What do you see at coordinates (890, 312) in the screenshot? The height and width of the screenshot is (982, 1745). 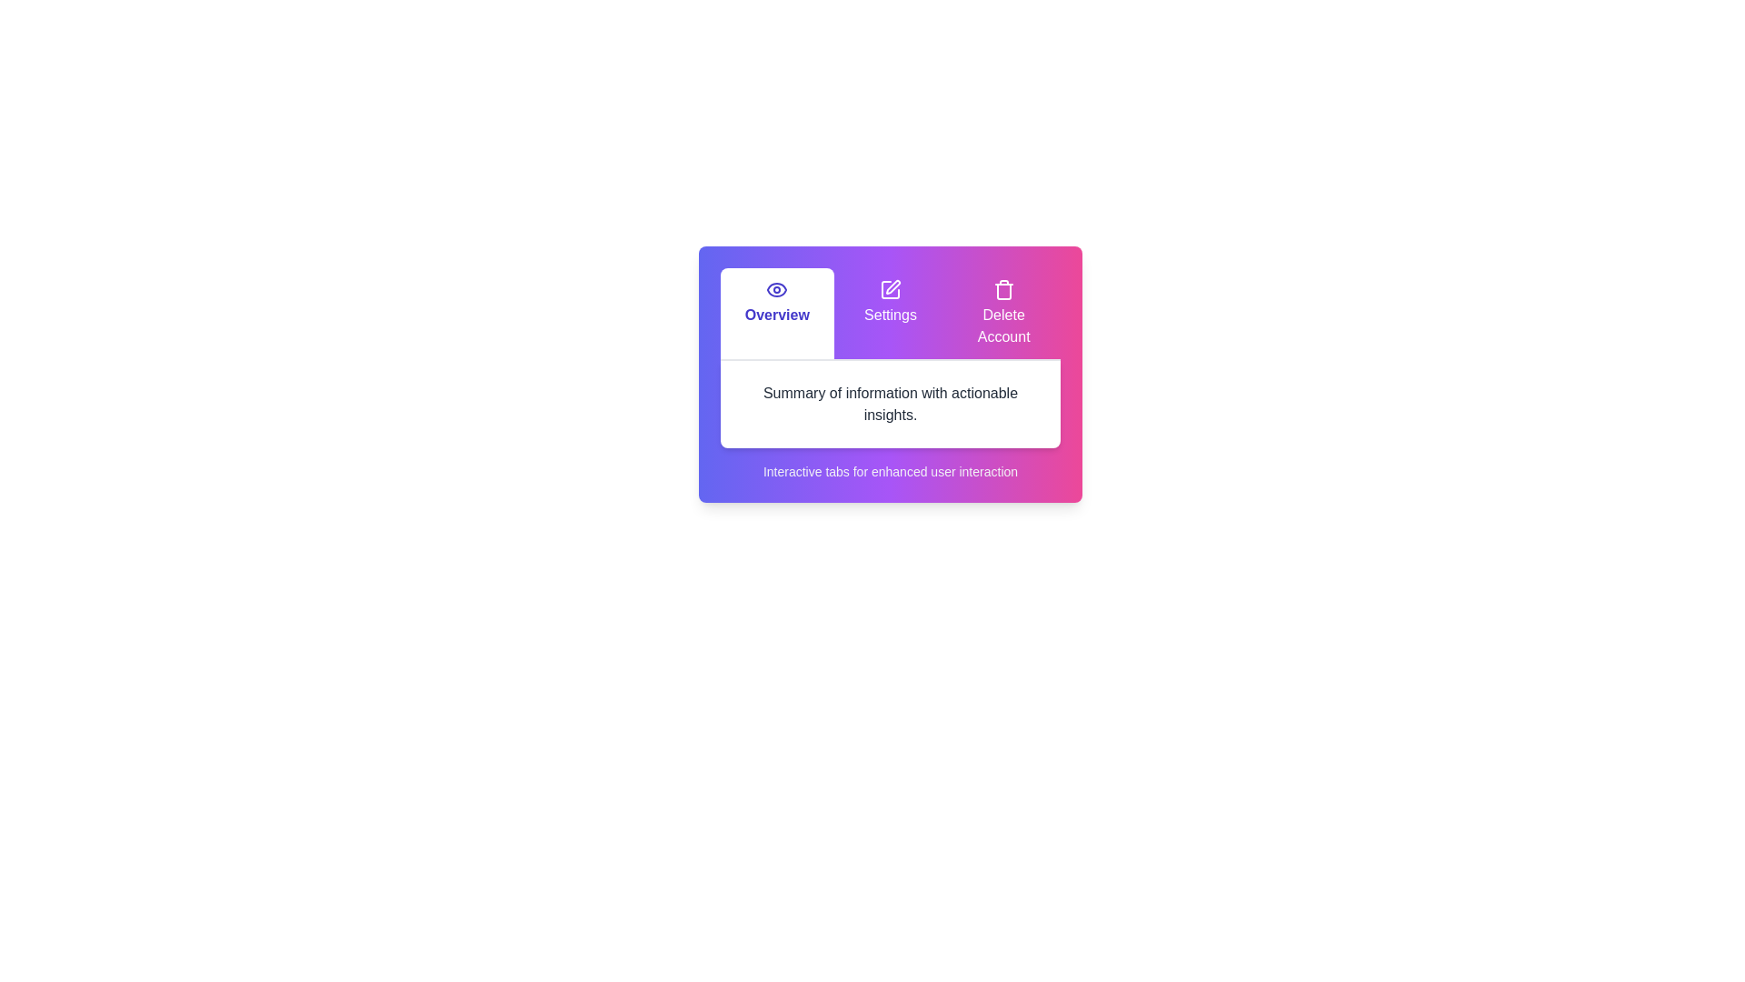 I see `the tab labeled 'Settings' to observe its hover effect` at bounding box center [890, 312].